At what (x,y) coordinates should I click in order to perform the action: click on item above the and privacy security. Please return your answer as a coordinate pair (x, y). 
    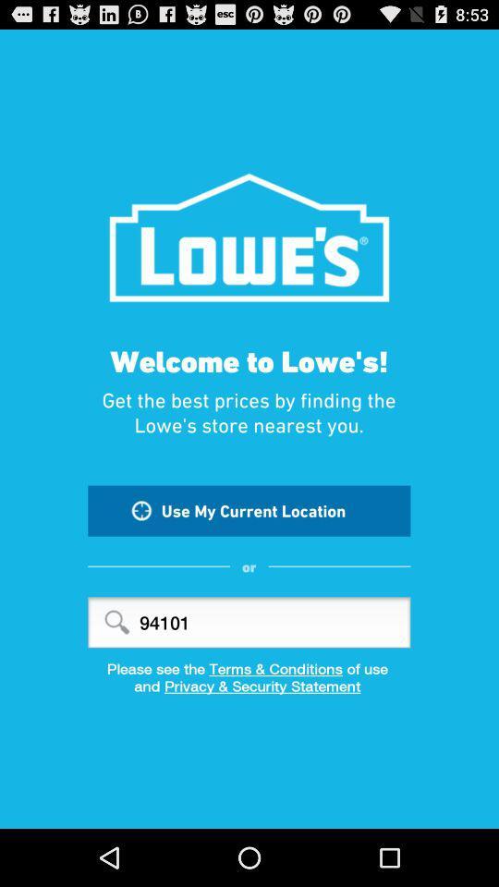
    Looking at the image, I should click on (249, 667).